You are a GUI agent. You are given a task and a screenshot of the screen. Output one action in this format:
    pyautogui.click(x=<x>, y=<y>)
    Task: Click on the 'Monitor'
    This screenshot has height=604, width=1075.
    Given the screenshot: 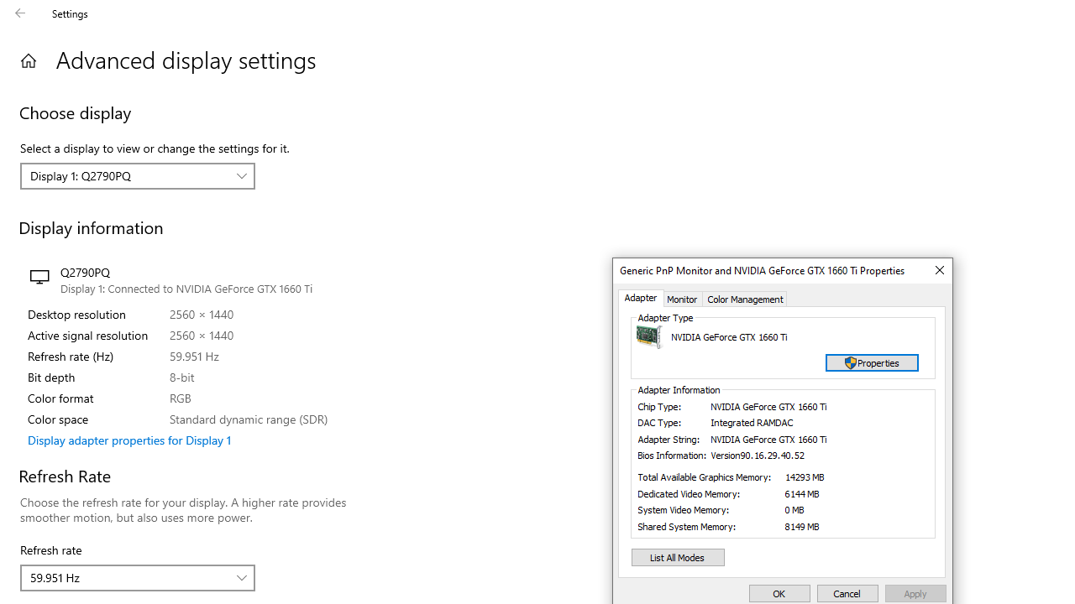 What is the action you would take?
    pyautogui.click(x=682, y=298)
    